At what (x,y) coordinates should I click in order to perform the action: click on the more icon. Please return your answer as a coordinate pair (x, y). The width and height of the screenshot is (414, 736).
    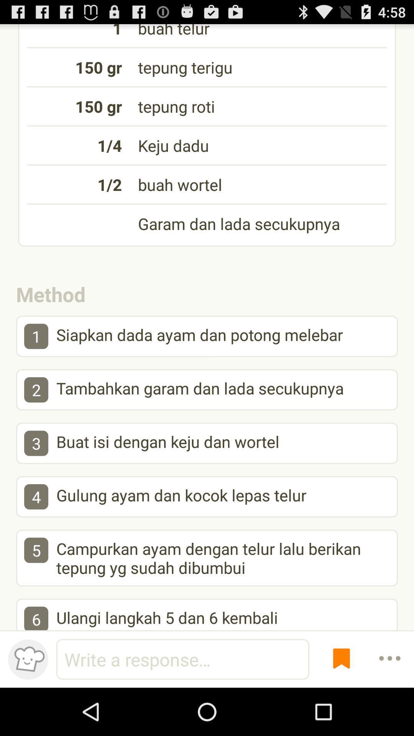
    Looking at the image, I should click on (390, 705).